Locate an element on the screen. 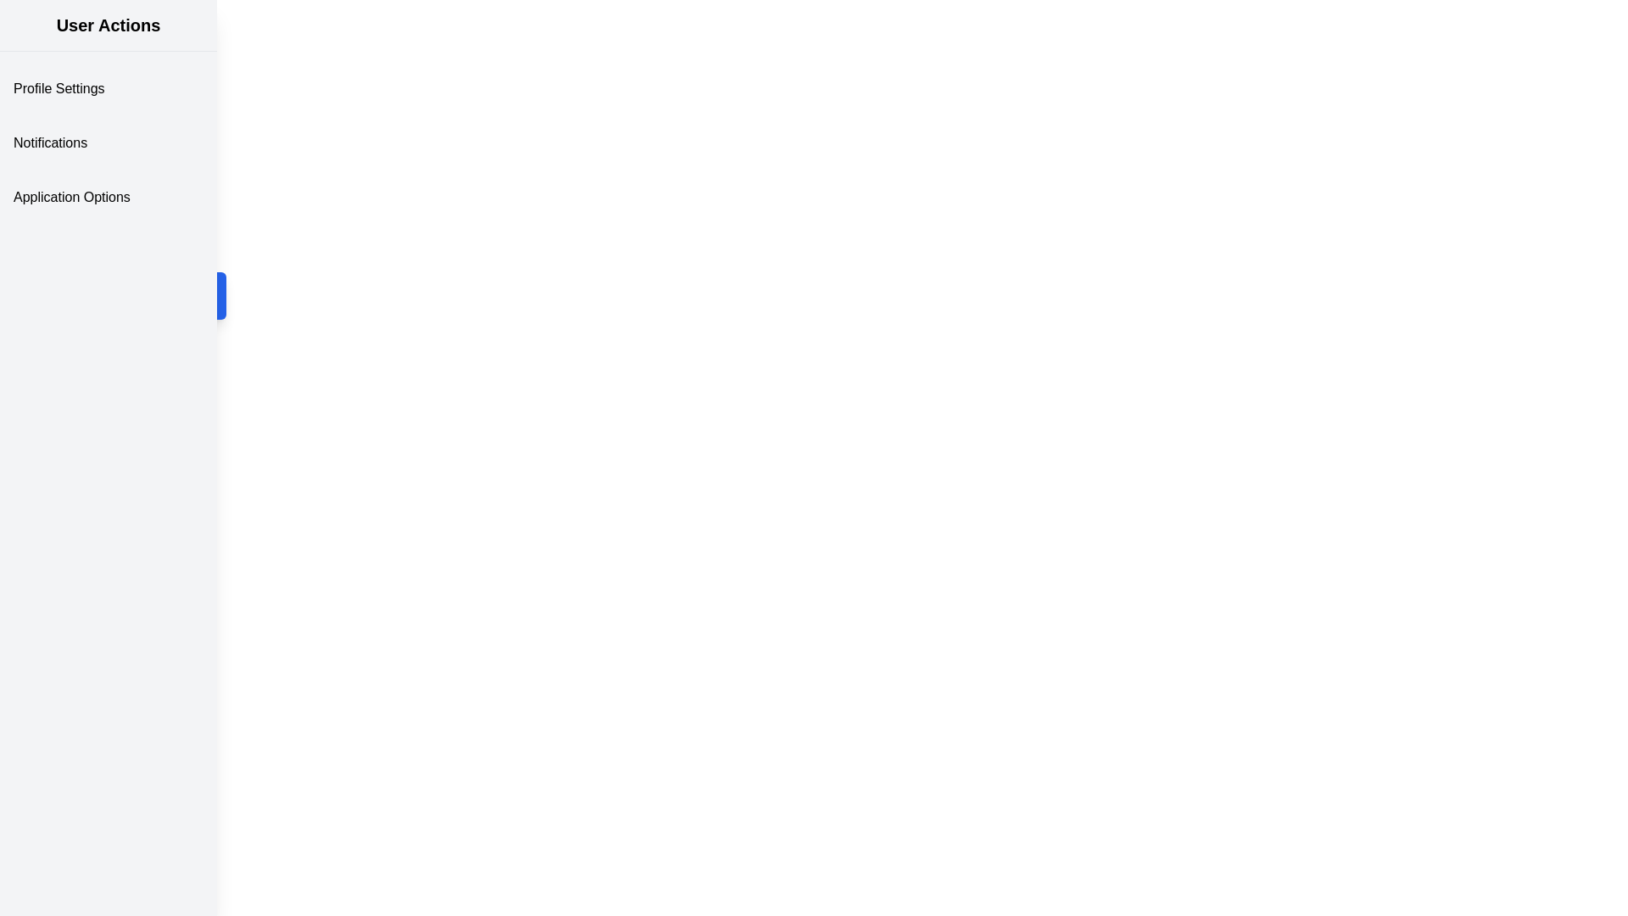 The image size is (1628, 916). the menu item Application Options to interact with it is located at coordinates (108, 196).